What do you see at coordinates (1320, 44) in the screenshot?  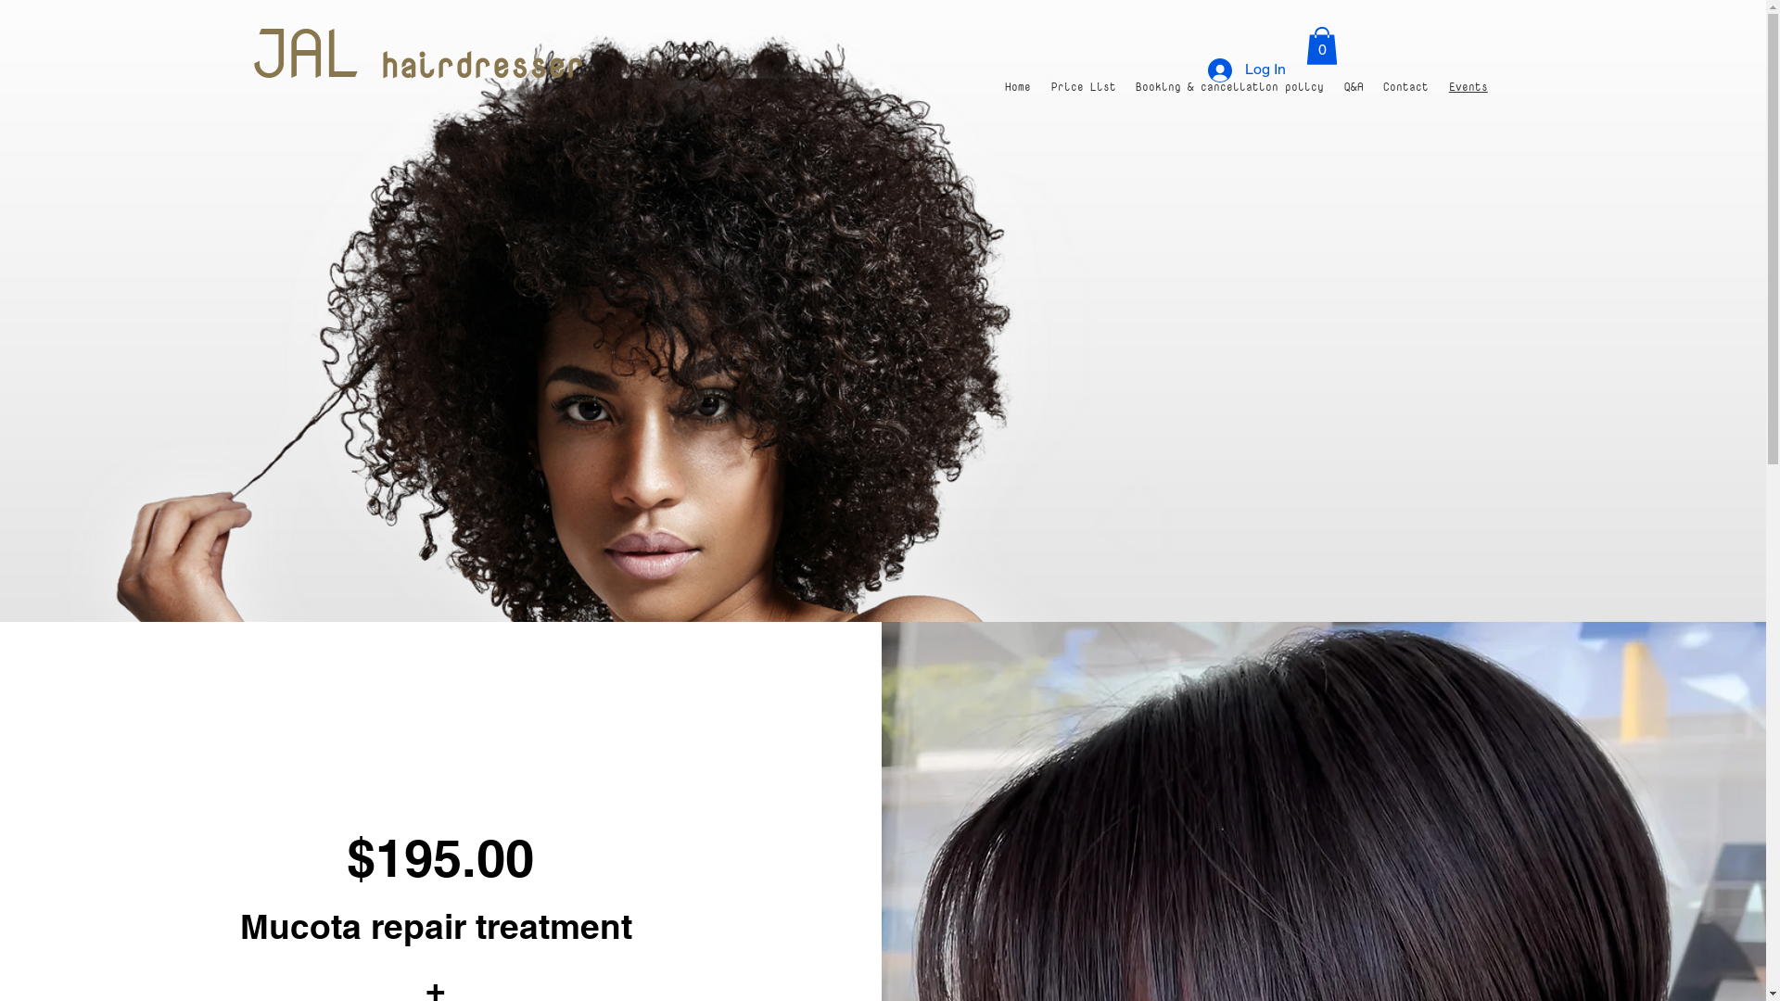 I see `'0'` at bounding box center [1320, 44].